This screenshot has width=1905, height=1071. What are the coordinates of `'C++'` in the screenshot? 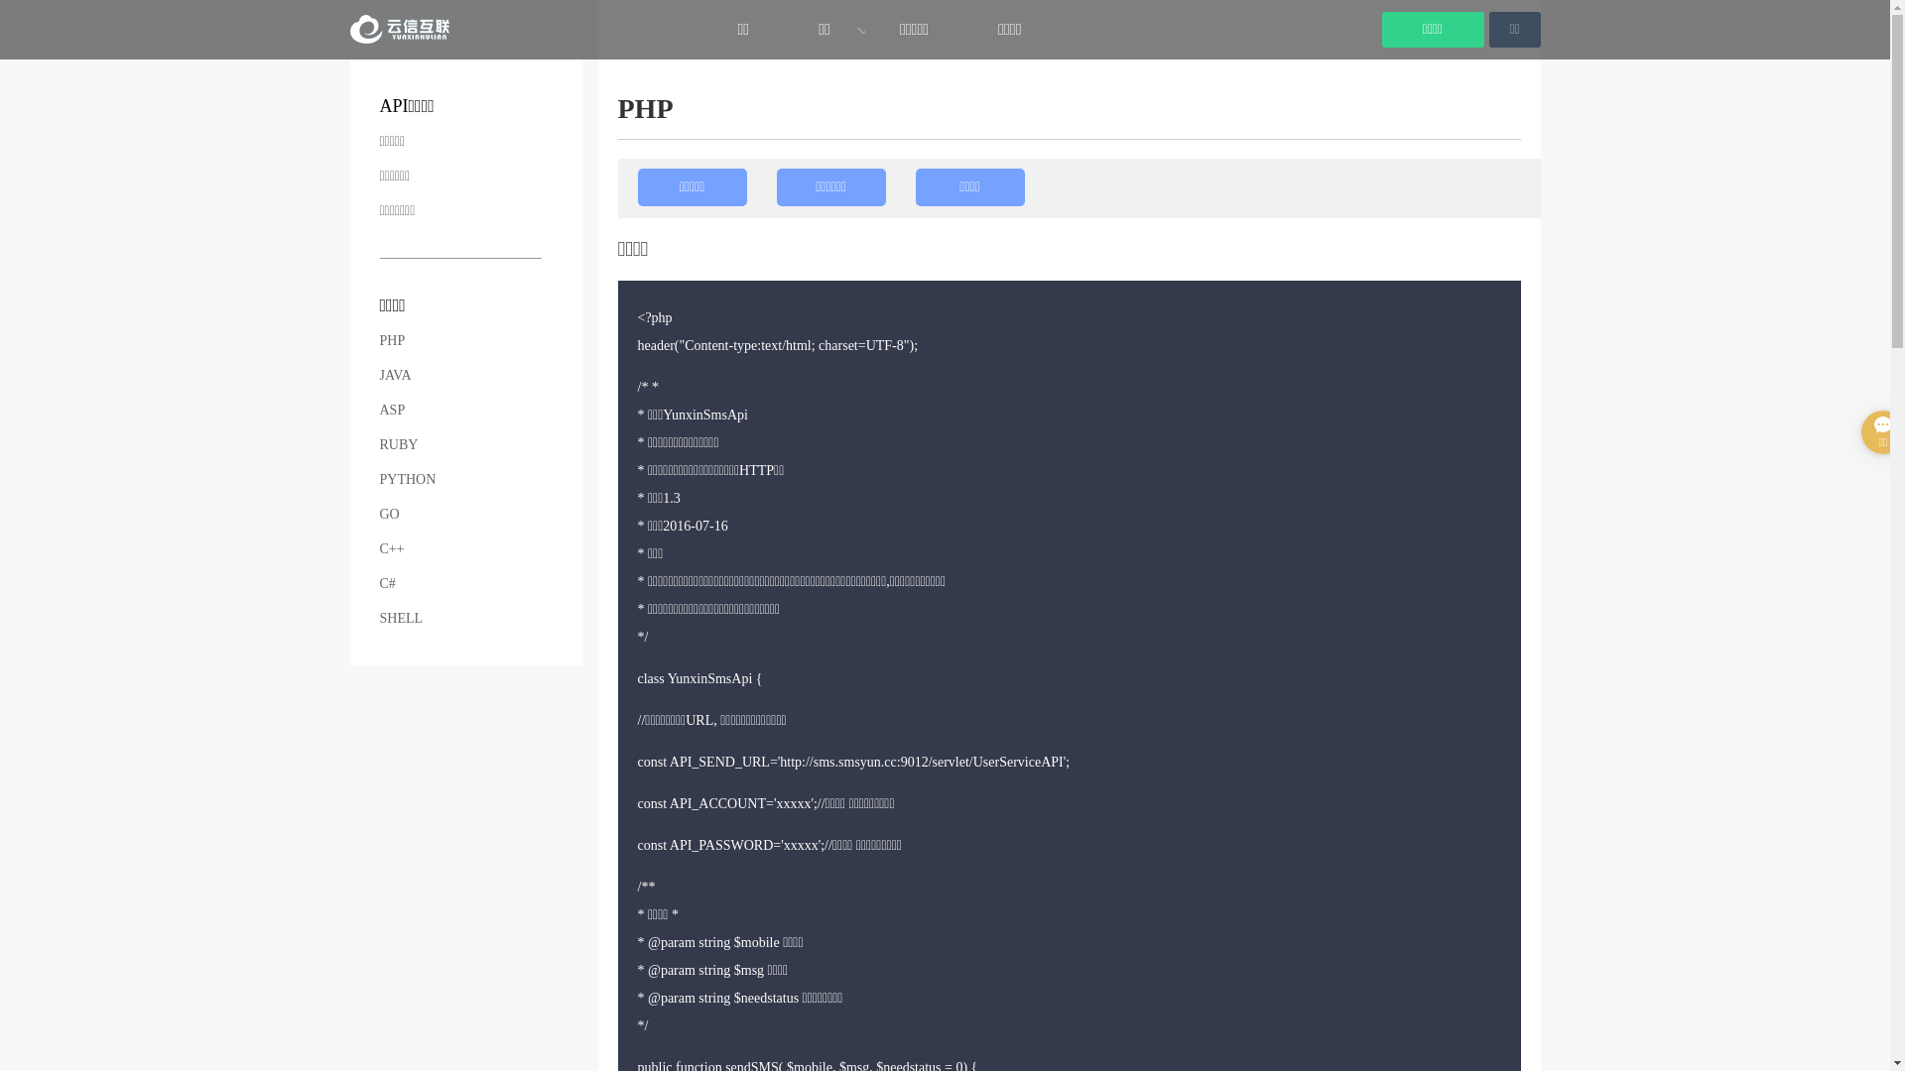 It's located at (379, 548).